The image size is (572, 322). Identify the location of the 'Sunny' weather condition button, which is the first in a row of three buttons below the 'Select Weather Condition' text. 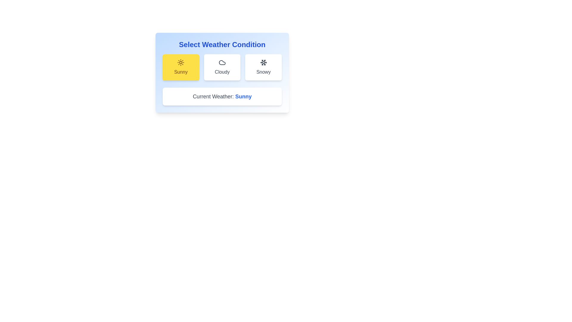
(180, 62).